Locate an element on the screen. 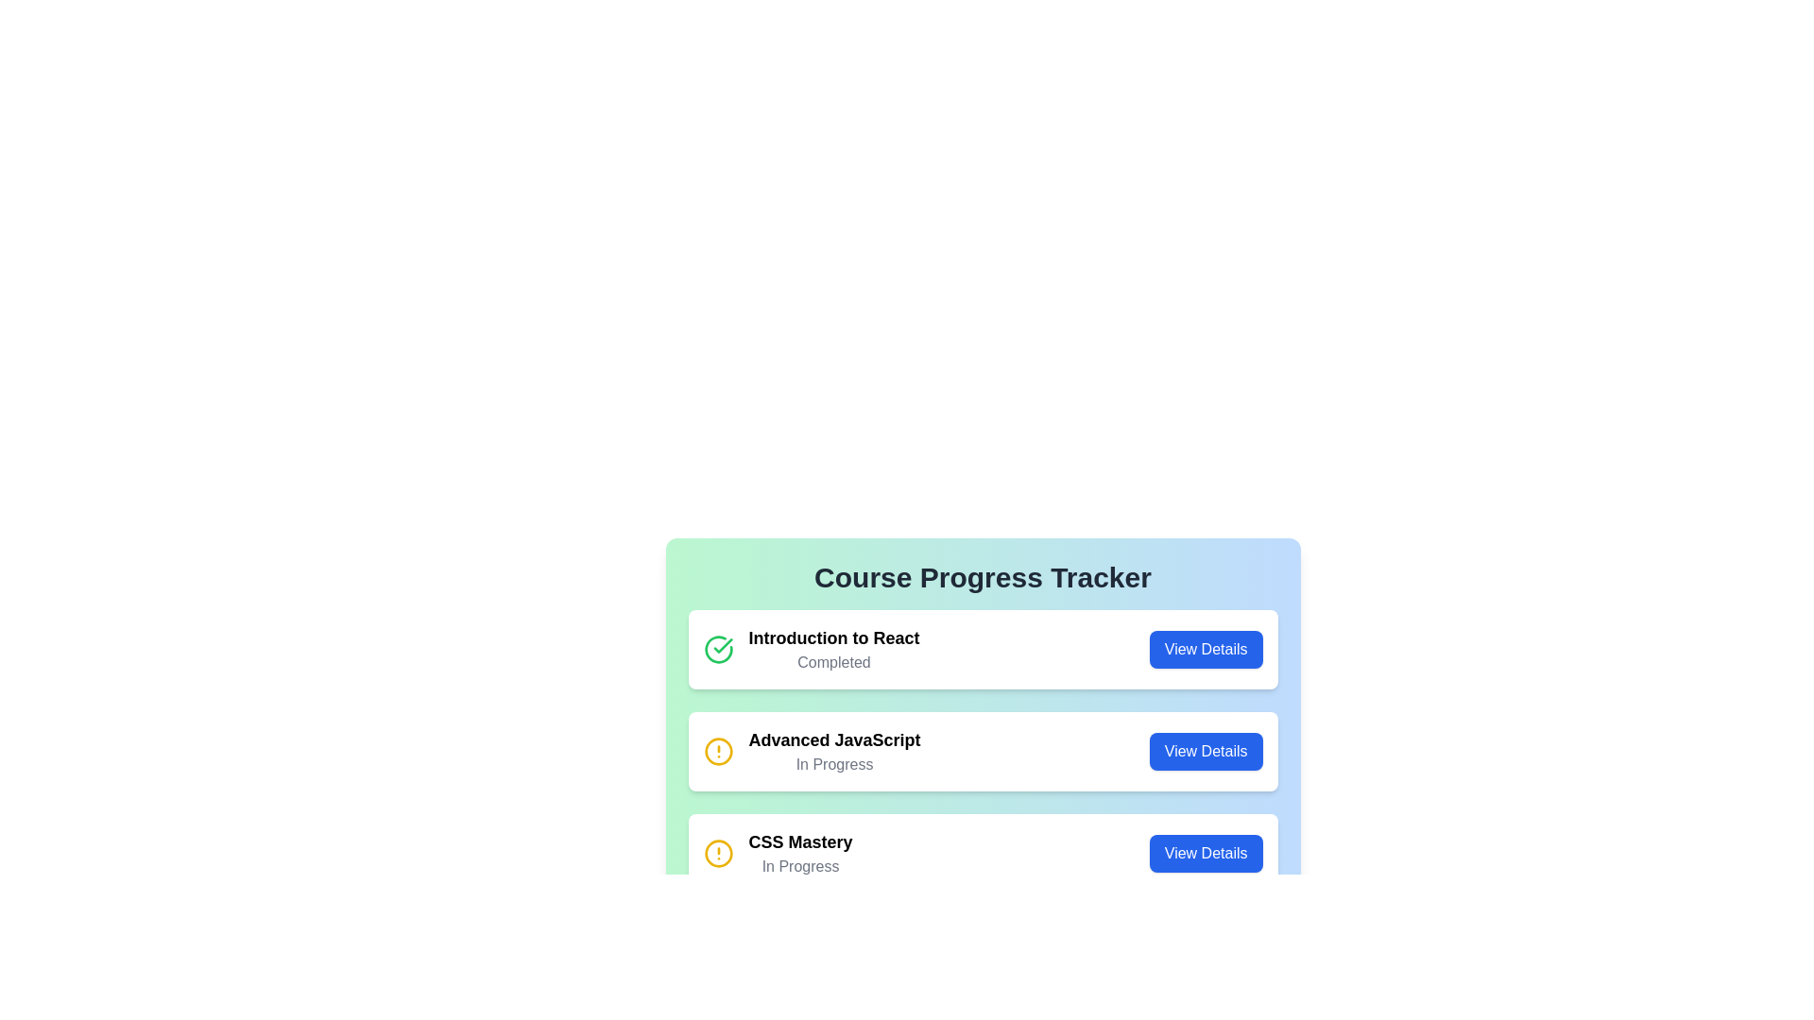  the 'Introduction to React' text label in the course progress tracker is located at coordinates (812, 648).